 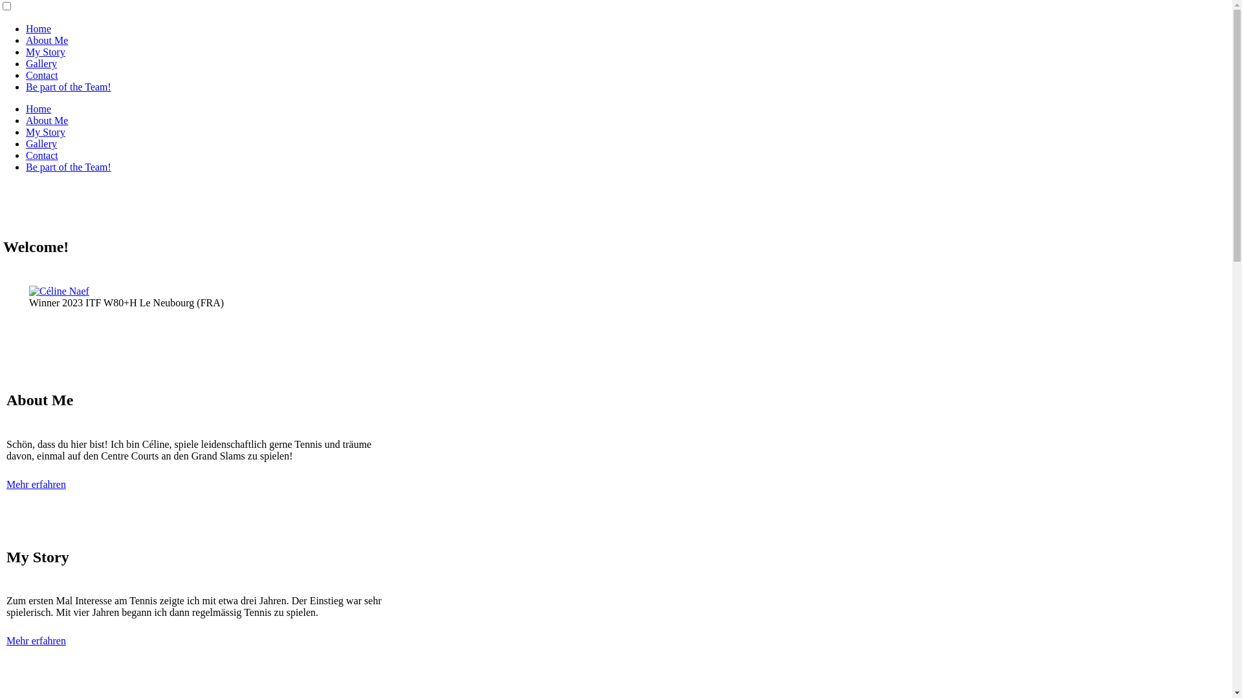 I want to click on 'Contact', so click(x=25, y=75).